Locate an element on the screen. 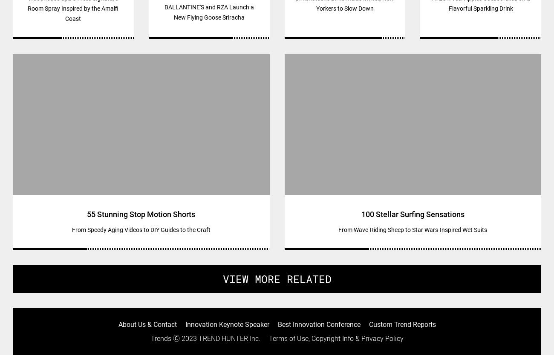  'Trends' is located at coordinates (160, 338).